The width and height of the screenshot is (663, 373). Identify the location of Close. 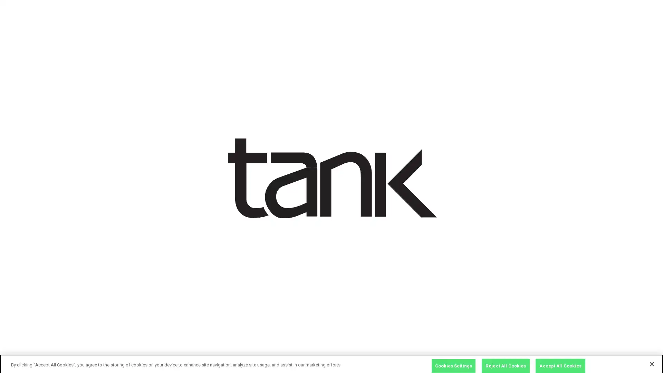
(651, 361).